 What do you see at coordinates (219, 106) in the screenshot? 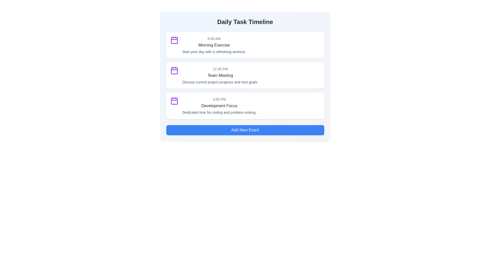
I see `title information from the text label that serves as the header for the timeline event, located centrally under the time label '3:00 PM'` at bounding box center [219, 106].